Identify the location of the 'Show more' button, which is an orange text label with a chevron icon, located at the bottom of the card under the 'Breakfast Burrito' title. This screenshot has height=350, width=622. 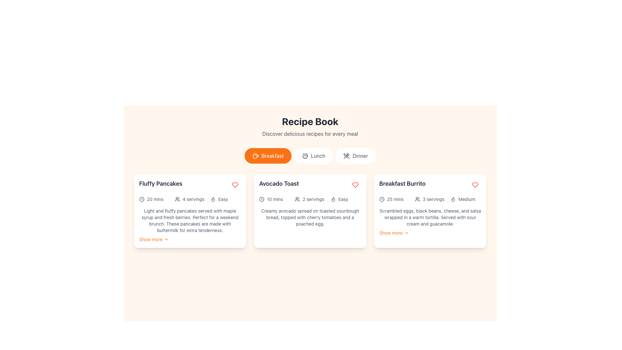
(394, 232).